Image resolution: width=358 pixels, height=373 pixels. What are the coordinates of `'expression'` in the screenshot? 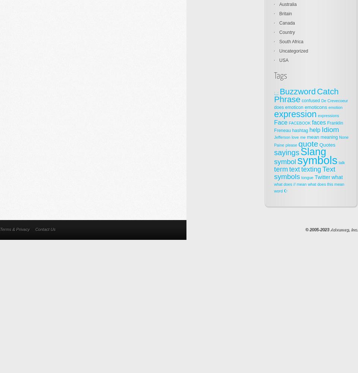 It's located at (295, 114).